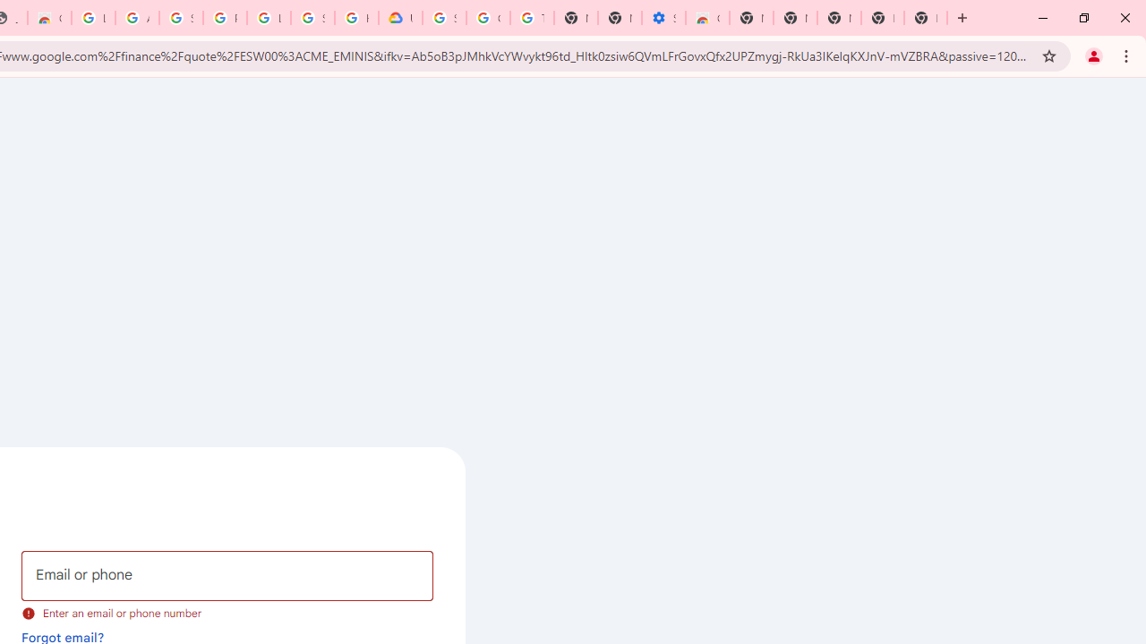 The height and width of the screenshot is (644, 1146). Describe the element at coordinates (706, 18) in the screenshot. I see `'Chrome Web Store - Accessibility extensions'` at that location.